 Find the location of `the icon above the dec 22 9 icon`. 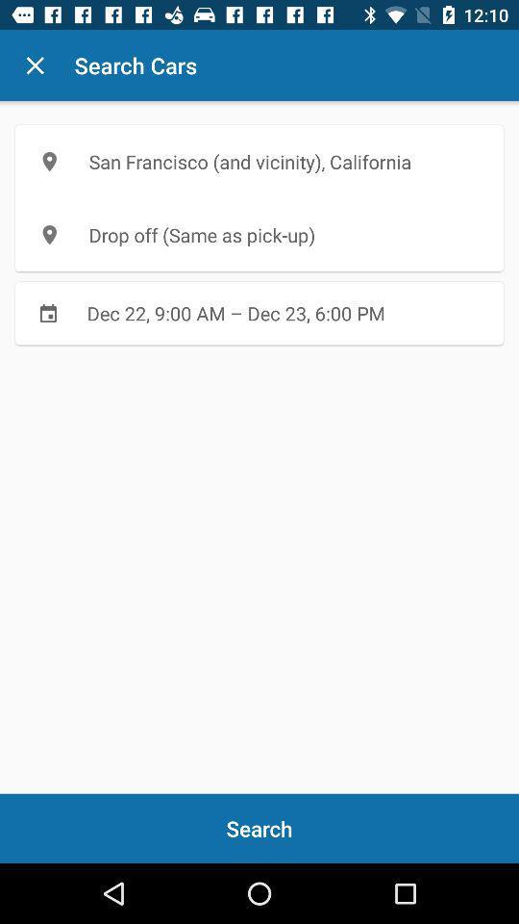

the icon above the dec 22 9 icon is located at coordinates (259, 234).